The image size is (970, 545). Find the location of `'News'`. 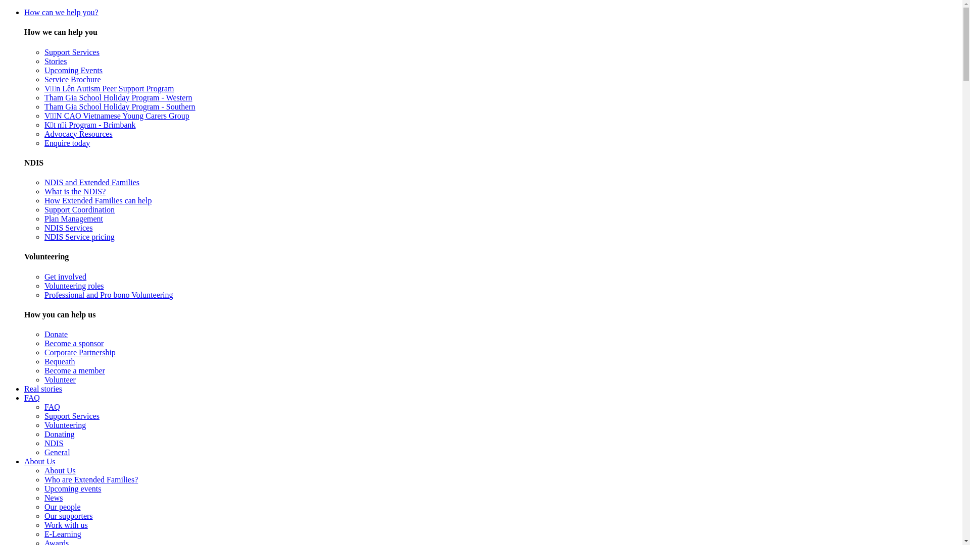

'News' is located at coordinates (53, 497).